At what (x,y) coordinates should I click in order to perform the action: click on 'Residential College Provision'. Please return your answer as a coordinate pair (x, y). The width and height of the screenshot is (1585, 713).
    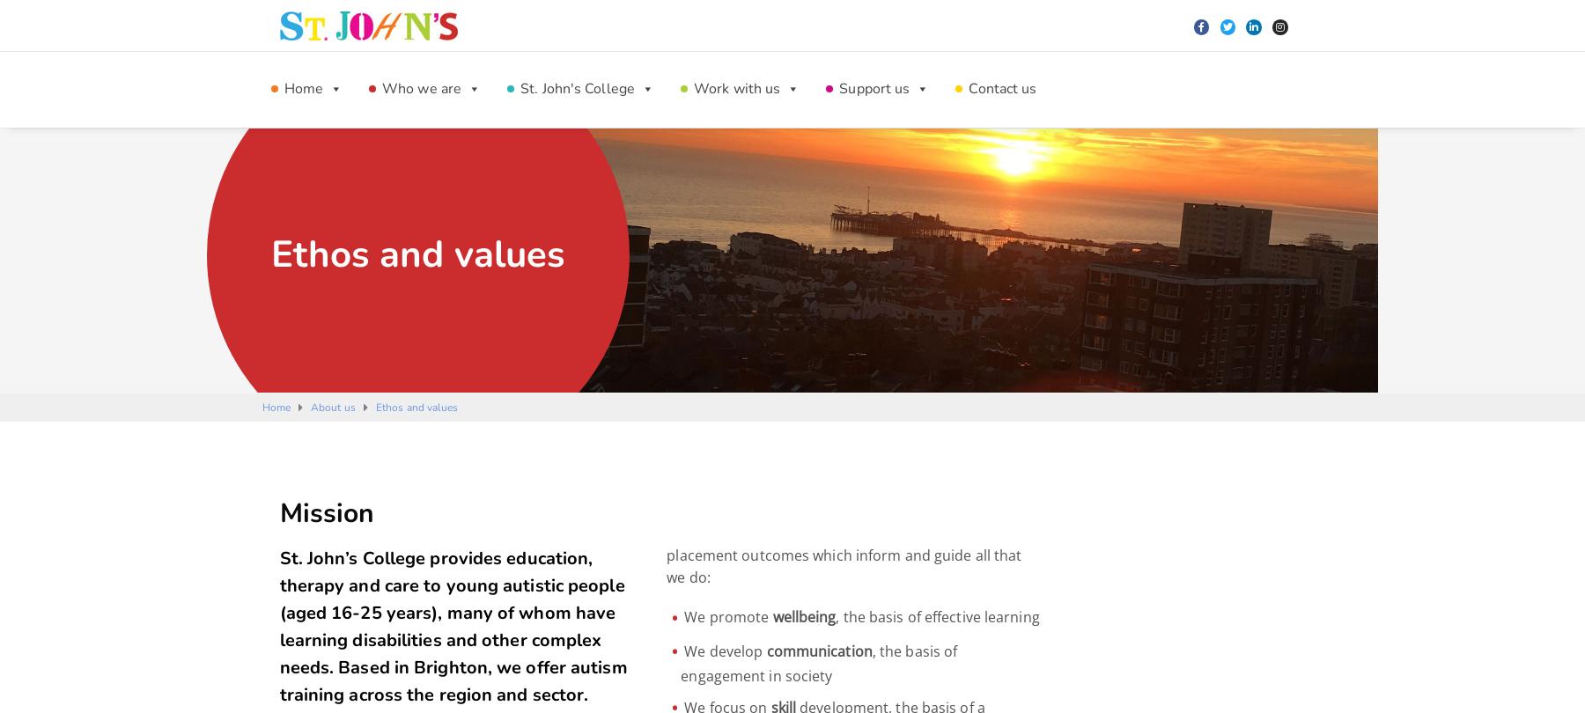
    Looking at the image, I should click on (331, 379).